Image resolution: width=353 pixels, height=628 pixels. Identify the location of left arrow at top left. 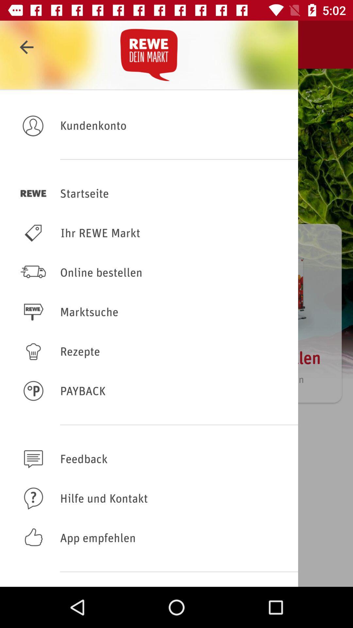
(26, 47).